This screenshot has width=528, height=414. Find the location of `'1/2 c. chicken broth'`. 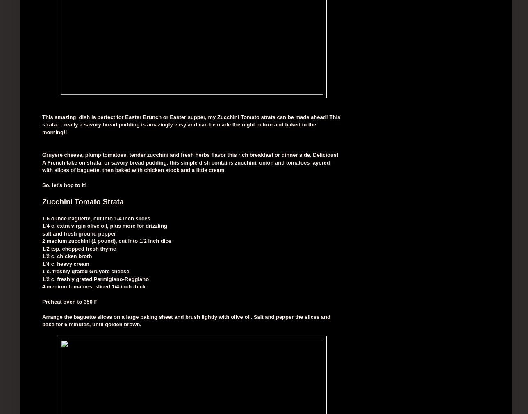

'1/2 c. chicken broth' is located at coordinates (67, 256).